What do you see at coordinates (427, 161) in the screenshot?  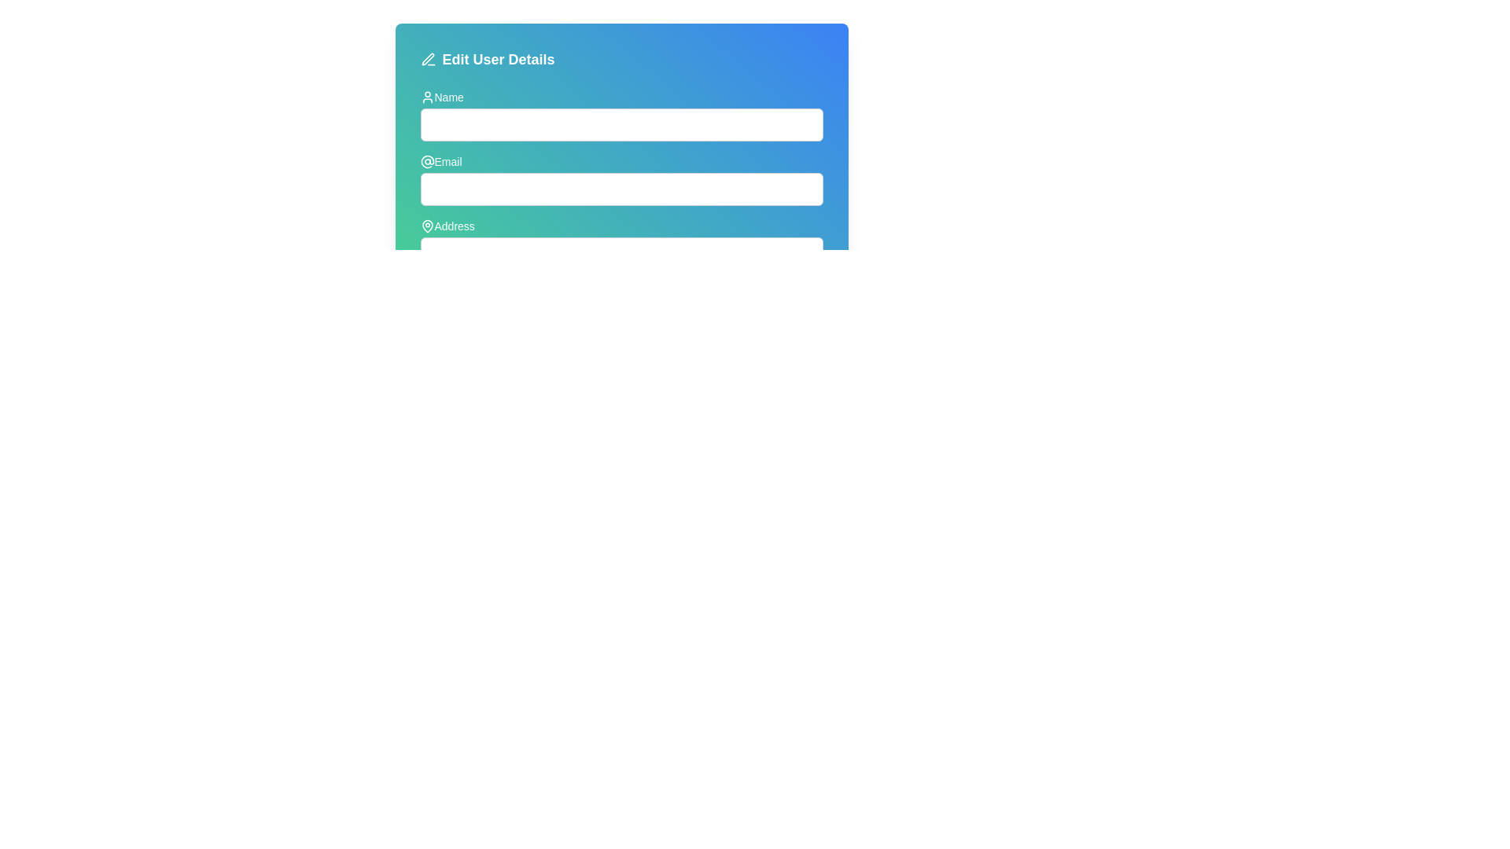 I see `the small circular '@' icon located to the immediate left of the text 'Email', which serves as an indicator for the email input field` at bounding box center [427, 161].